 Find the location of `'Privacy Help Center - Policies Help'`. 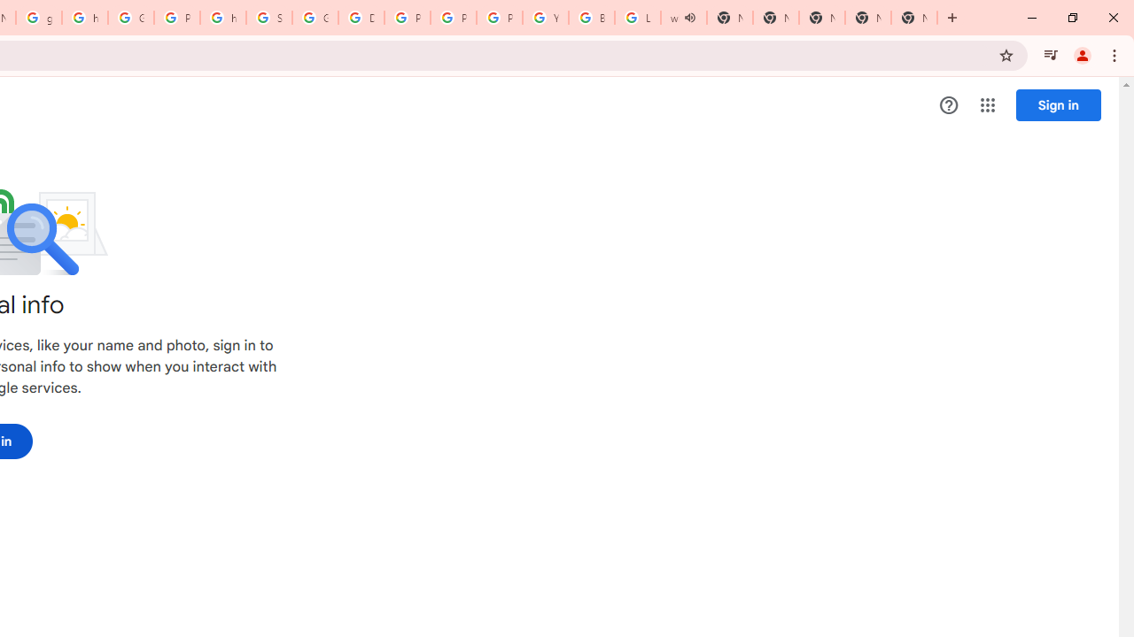

'Privacy Help Center - Policies Help' is located at coordinates (407, 18).